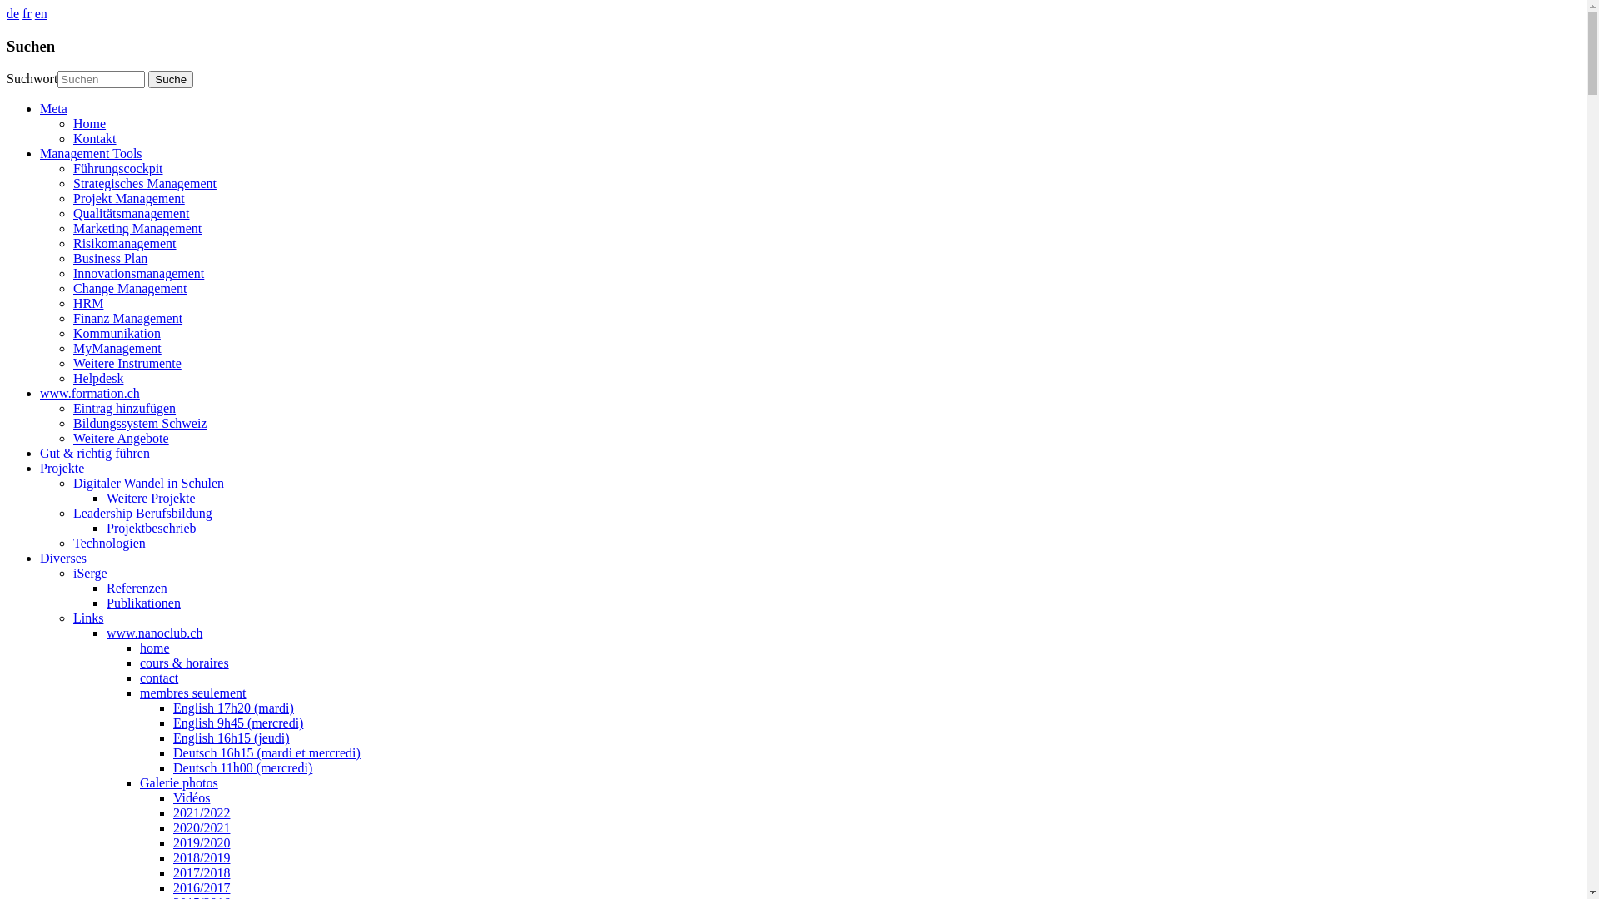 The image size is (1599, 899). Describe the element at coordinates (127, 362) in the screenshot. I see `'Weitere Instrumente'` at that location.